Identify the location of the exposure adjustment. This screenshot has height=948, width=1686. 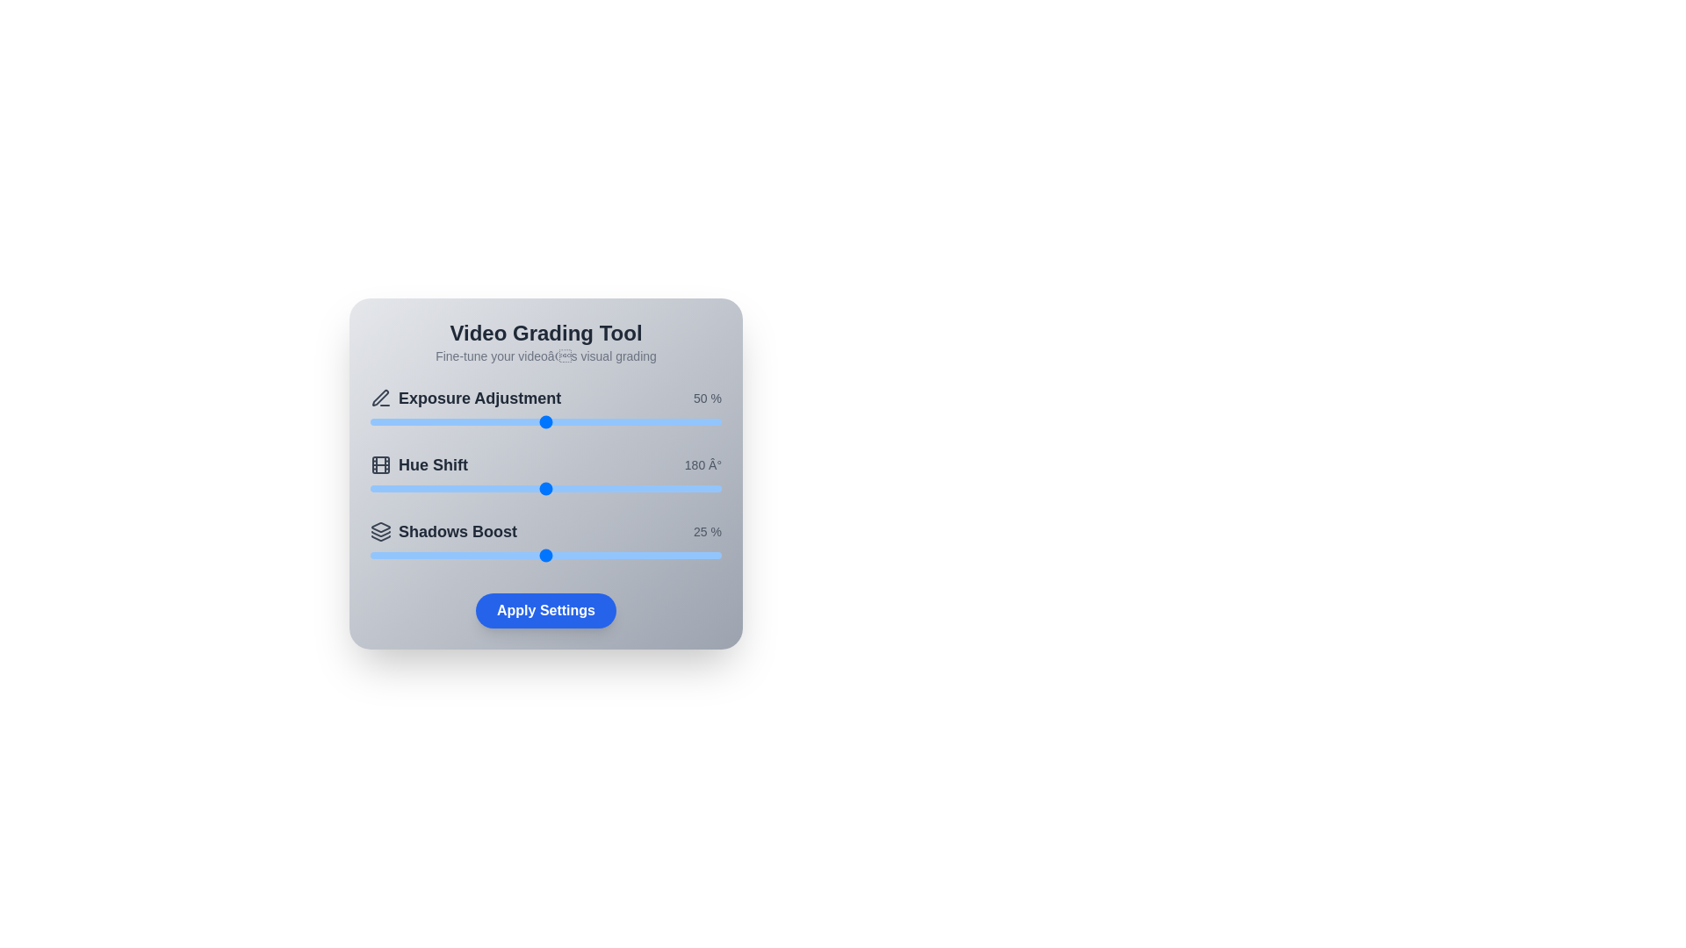
(377, 422).